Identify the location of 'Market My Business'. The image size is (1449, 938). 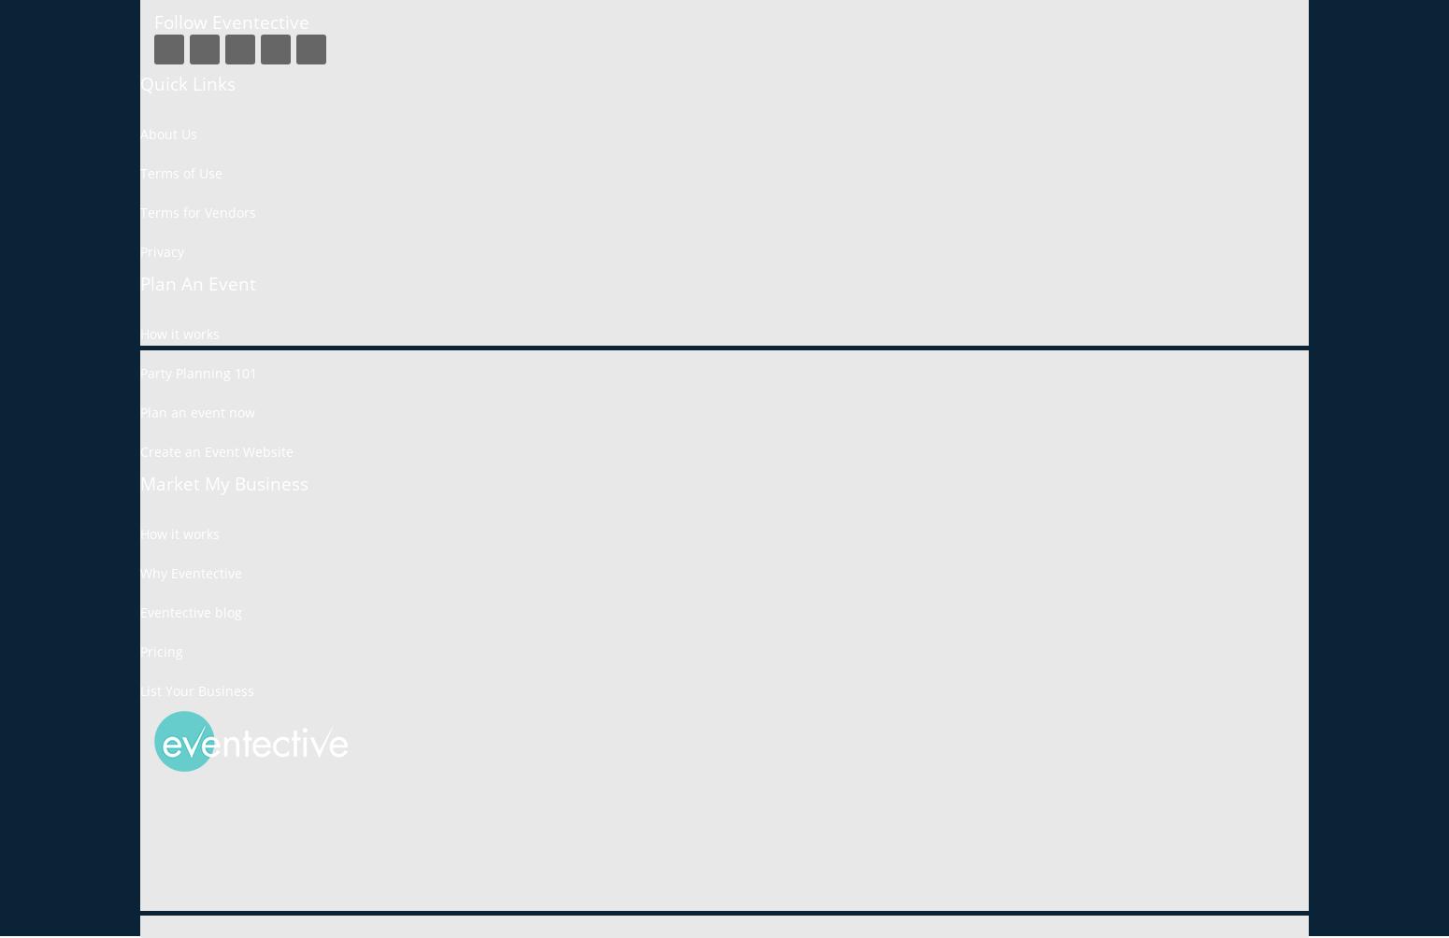
(223, 483).